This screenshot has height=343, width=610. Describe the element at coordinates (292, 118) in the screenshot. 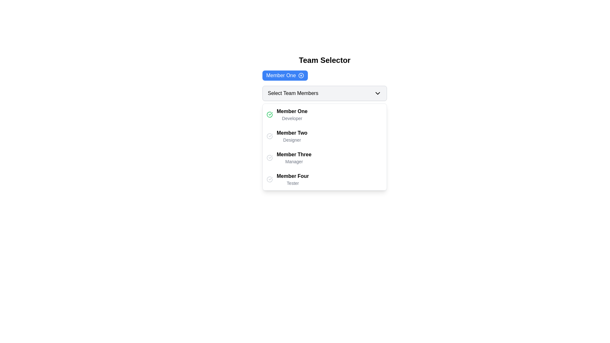

I see `the text label that provides additional information about the role of 'Member One', located directly below the name in the dropdown menu` at that location.